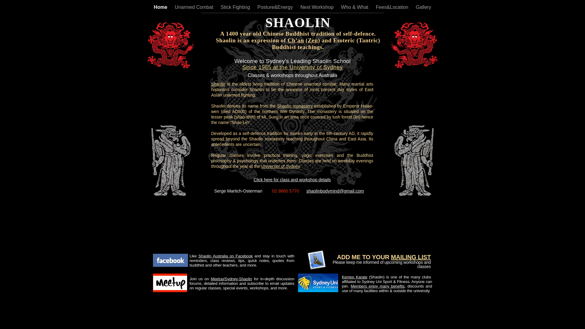 This screenshot has height=329, width=585. Describe the element at coordinates (225, 256) in the screenshot. I see `'Shaolin Australia on Facebook'` at that location.